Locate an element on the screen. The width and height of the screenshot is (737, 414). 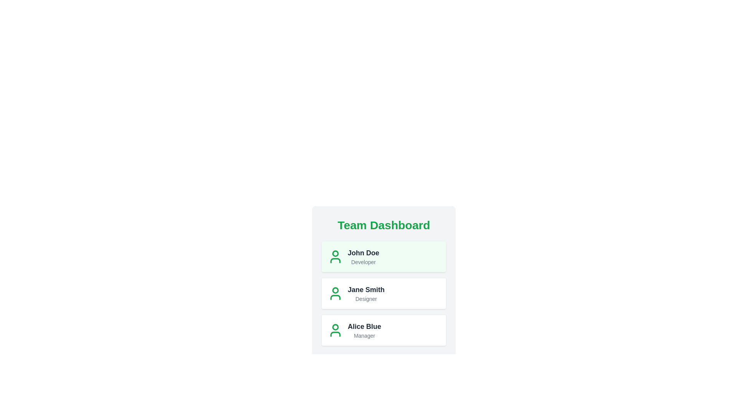
the user icon represented in green, which is part of the profile card of 'John Doe, Developer', located to the left of the text 'John Doe' and 'Developer' is located at coordinates (335, 257).